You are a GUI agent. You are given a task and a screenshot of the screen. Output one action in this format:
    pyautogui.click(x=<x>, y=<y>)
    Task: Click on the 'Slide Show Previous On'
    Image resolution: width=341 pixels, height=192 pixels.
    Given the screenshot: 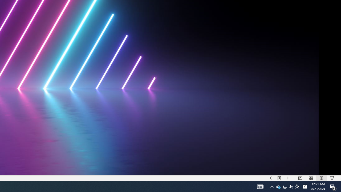 What is the action you would take?
    pyautogui.click(x=271, y=178)
    